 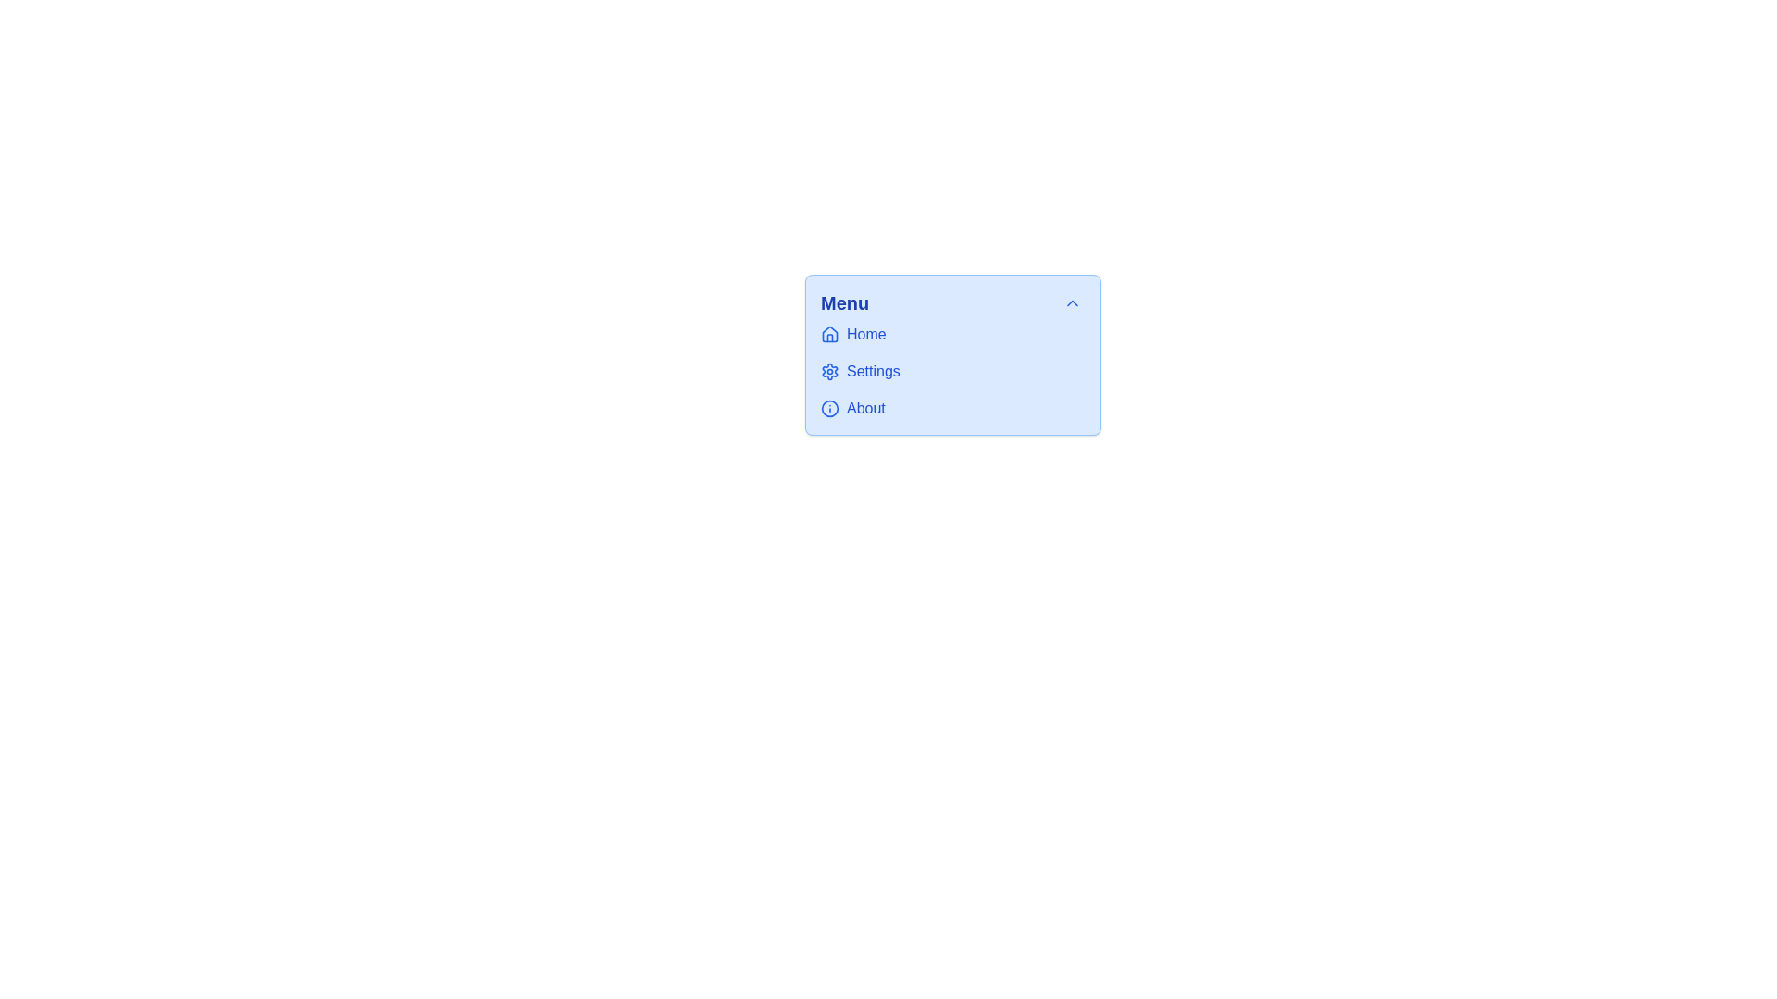 What do you see at coordinates (1072, 302) in the screenshot?
I see `the 'collapse' button located at the top-right corner of the 'Menu' section` at bounding box center [1072, 302].